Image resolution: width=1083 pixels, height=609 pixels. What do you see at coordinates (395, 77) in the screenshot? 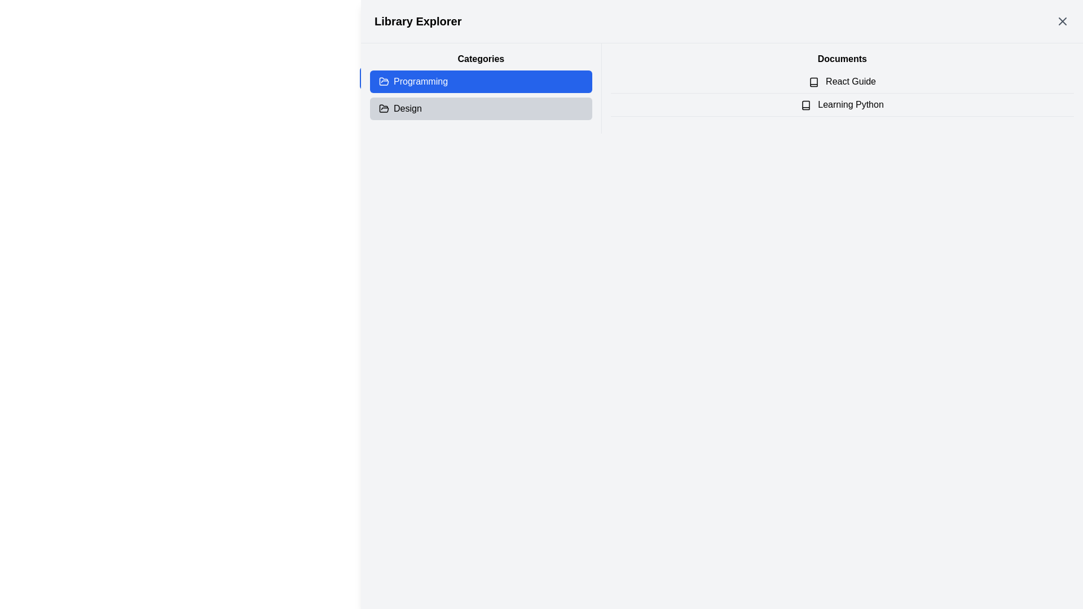
I see `the close button located in the top center area of the library explorer interface` at bounding box center [395, 77].